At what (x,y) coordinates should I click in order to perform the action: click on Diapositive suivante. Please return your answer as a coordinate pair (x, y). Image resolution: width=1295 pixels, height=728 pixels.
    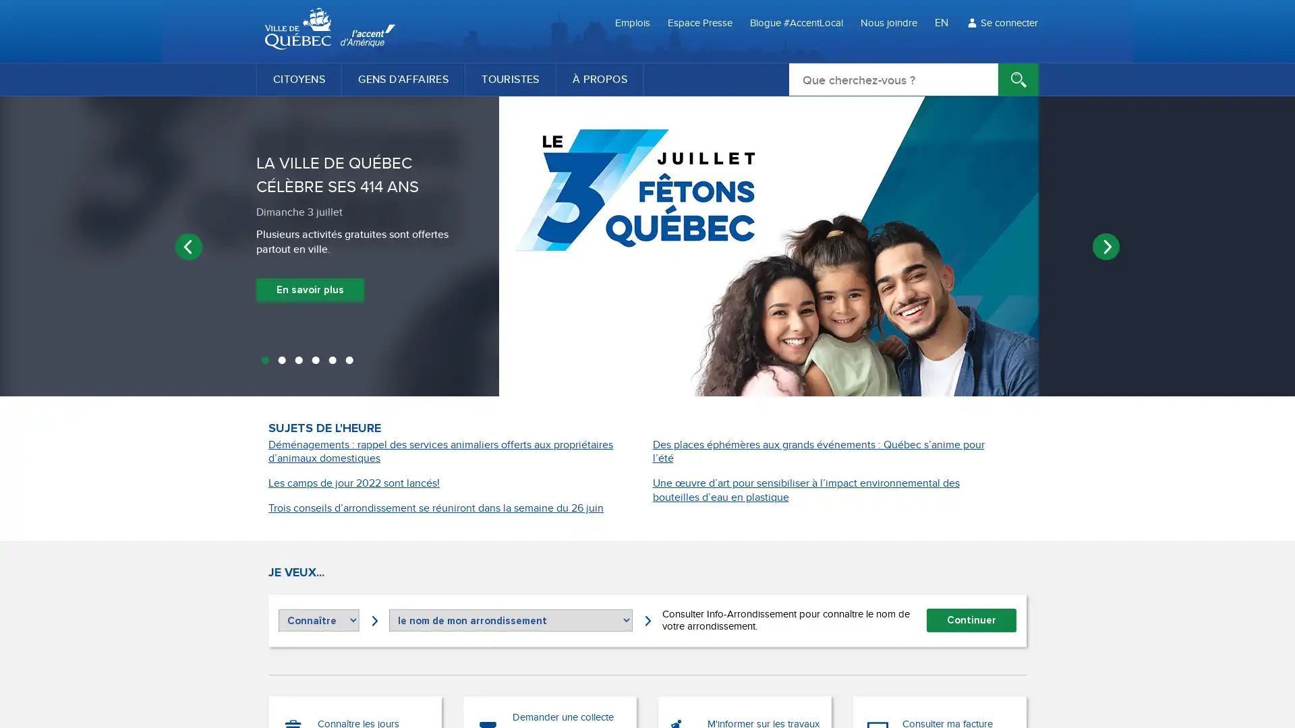
    Looking at the image, I should click on (1106, 246).